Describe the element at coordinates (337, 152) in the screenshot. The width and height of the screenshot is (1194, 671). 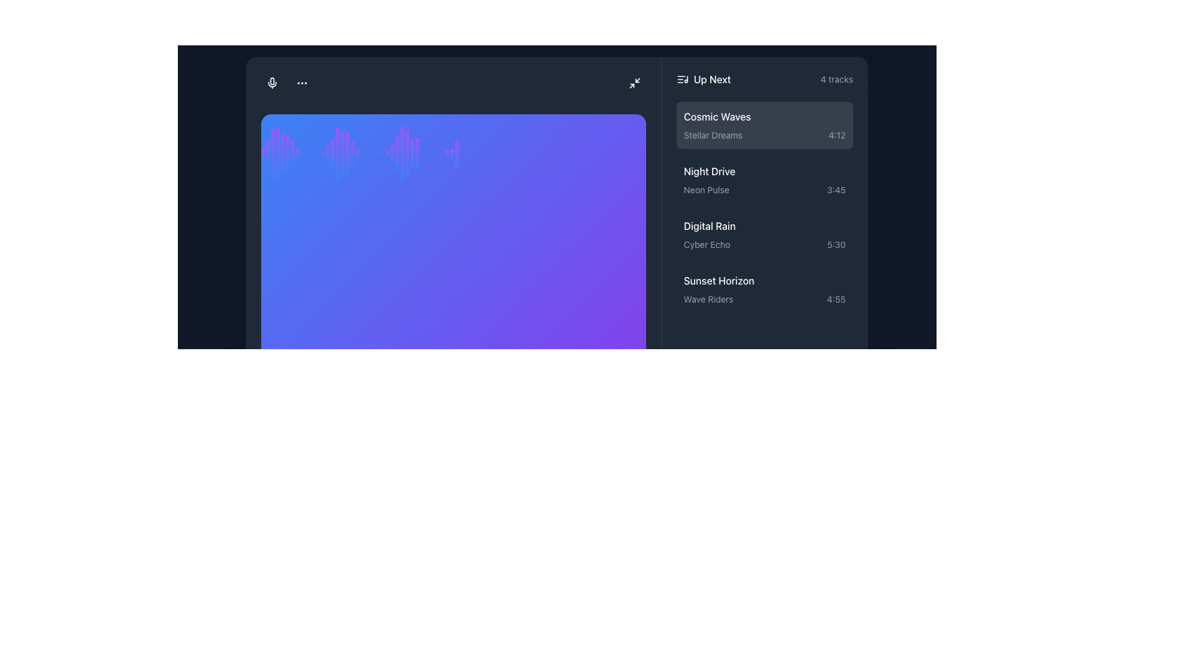
I see `the sixteenth vertical rectangle waveform bar, which has a gradient color scheme from blue to purple and is part of a horizontal group of similar elements` at that location.